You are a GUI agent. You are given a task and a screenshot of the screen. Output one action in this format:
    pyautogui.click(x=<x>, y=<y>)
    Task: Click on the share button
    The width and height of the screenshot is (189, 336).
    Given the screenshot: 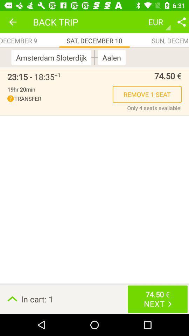 What is the action you would take?
    pyautogui.click(x=181, y=22)
    